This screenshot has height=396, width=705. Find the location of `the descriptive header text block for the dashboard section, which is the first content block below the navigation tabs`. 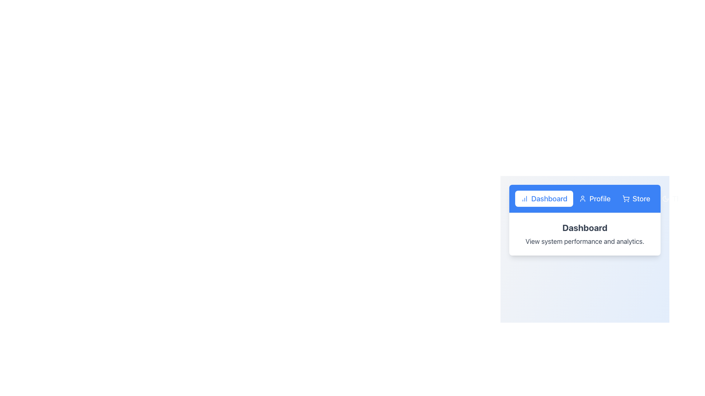

the descriptive header text block for the dashboard section, which is the first content block below the navigation tabs is located at coordinates (585, 234).